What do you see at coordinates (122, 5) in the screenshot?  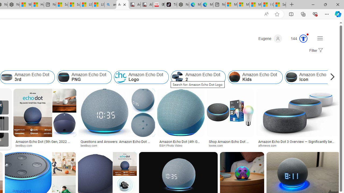 I see `'Amazon Echo Dot Colors - Search Images'` at bounding box center [122, 5].